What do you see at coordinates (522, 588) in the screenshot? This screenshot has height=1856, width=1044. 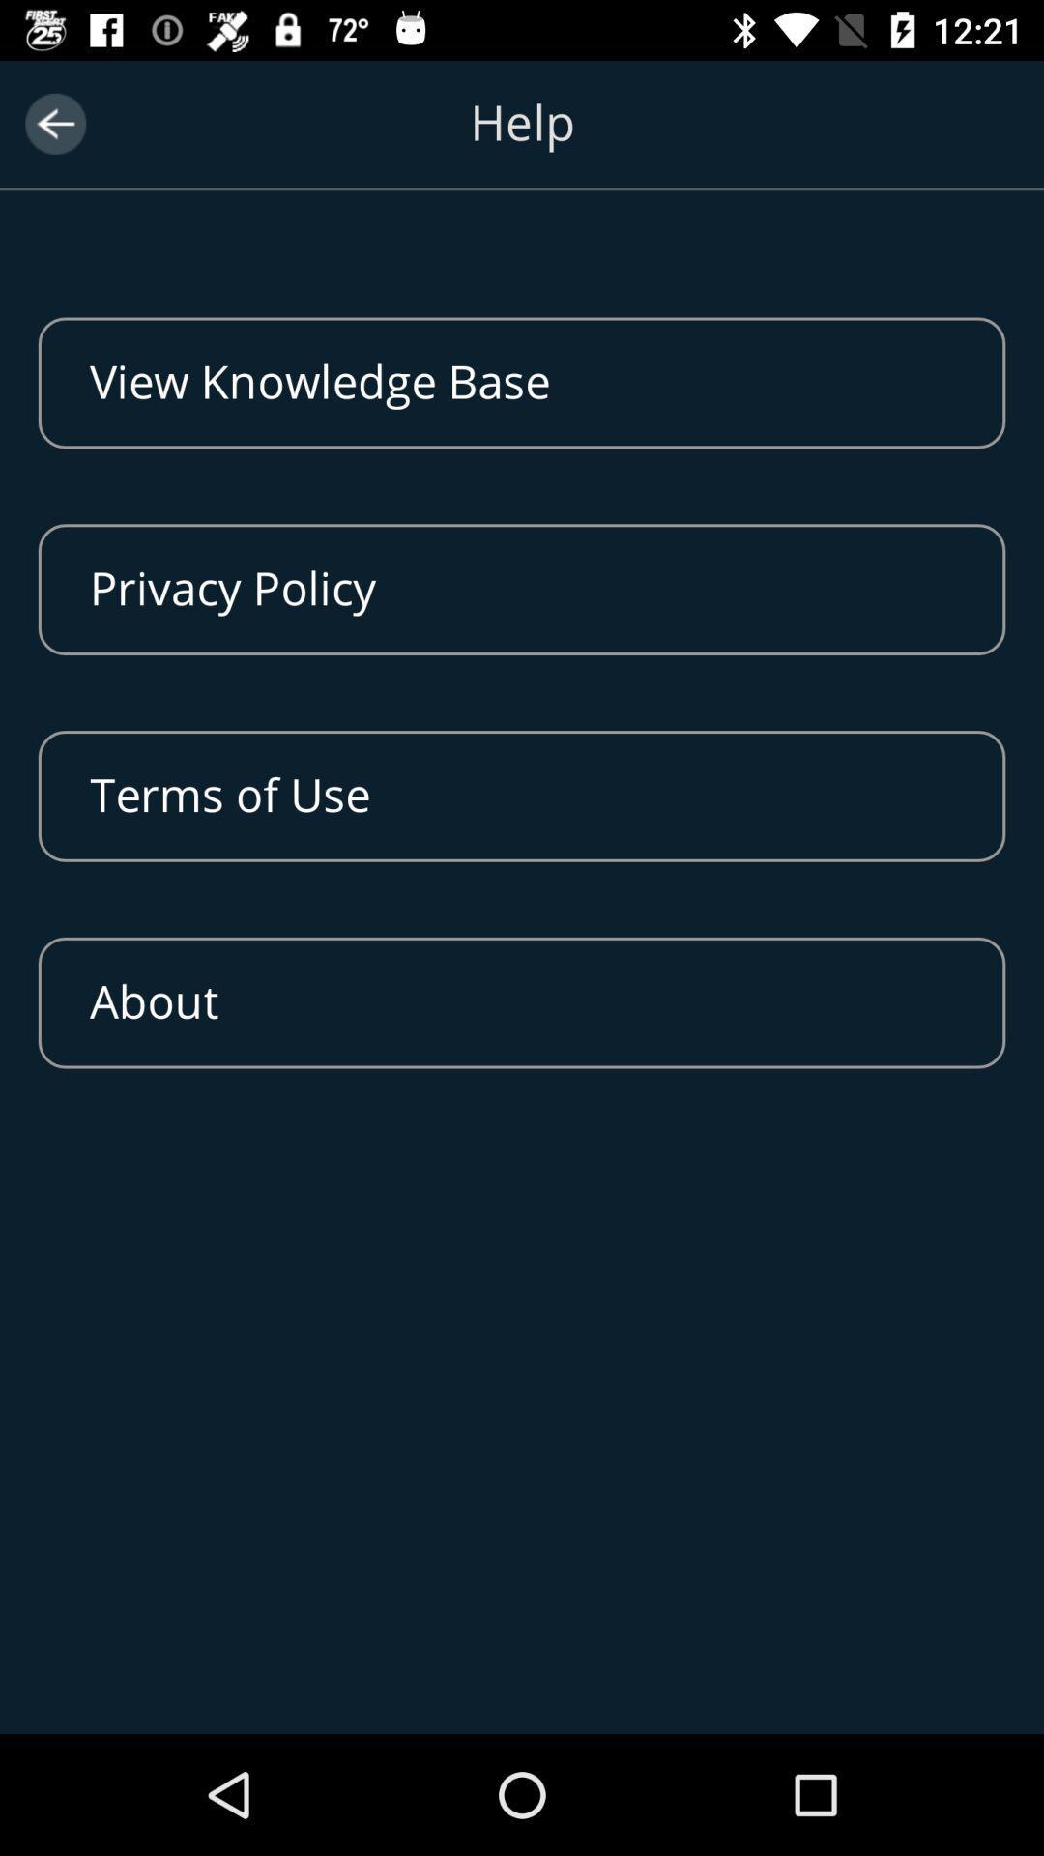 I see `the privacy policy option` at bounding box center [522, 588].